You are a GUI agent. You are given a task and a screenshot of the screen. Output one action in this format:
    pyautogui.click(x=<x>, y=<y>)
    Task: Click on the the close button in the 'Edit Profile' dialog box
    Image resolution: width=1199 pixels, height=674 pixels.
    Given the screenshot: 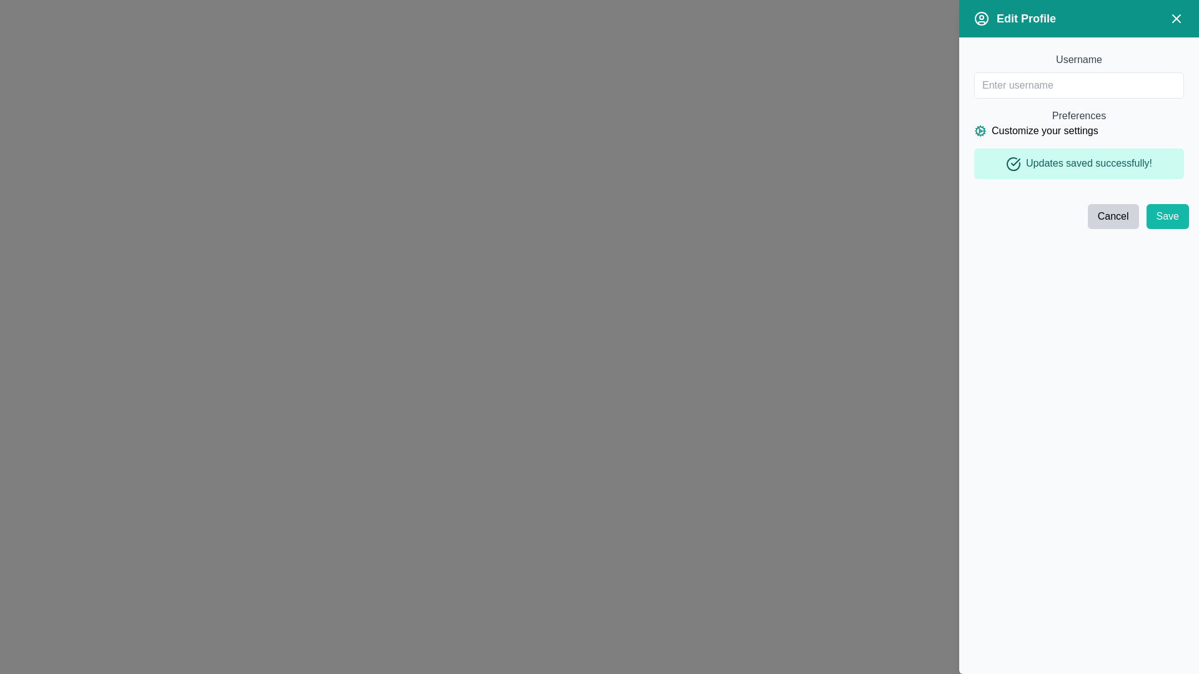 What is the action you would take?
    pyautogui.click(x=1175, y=19)
    